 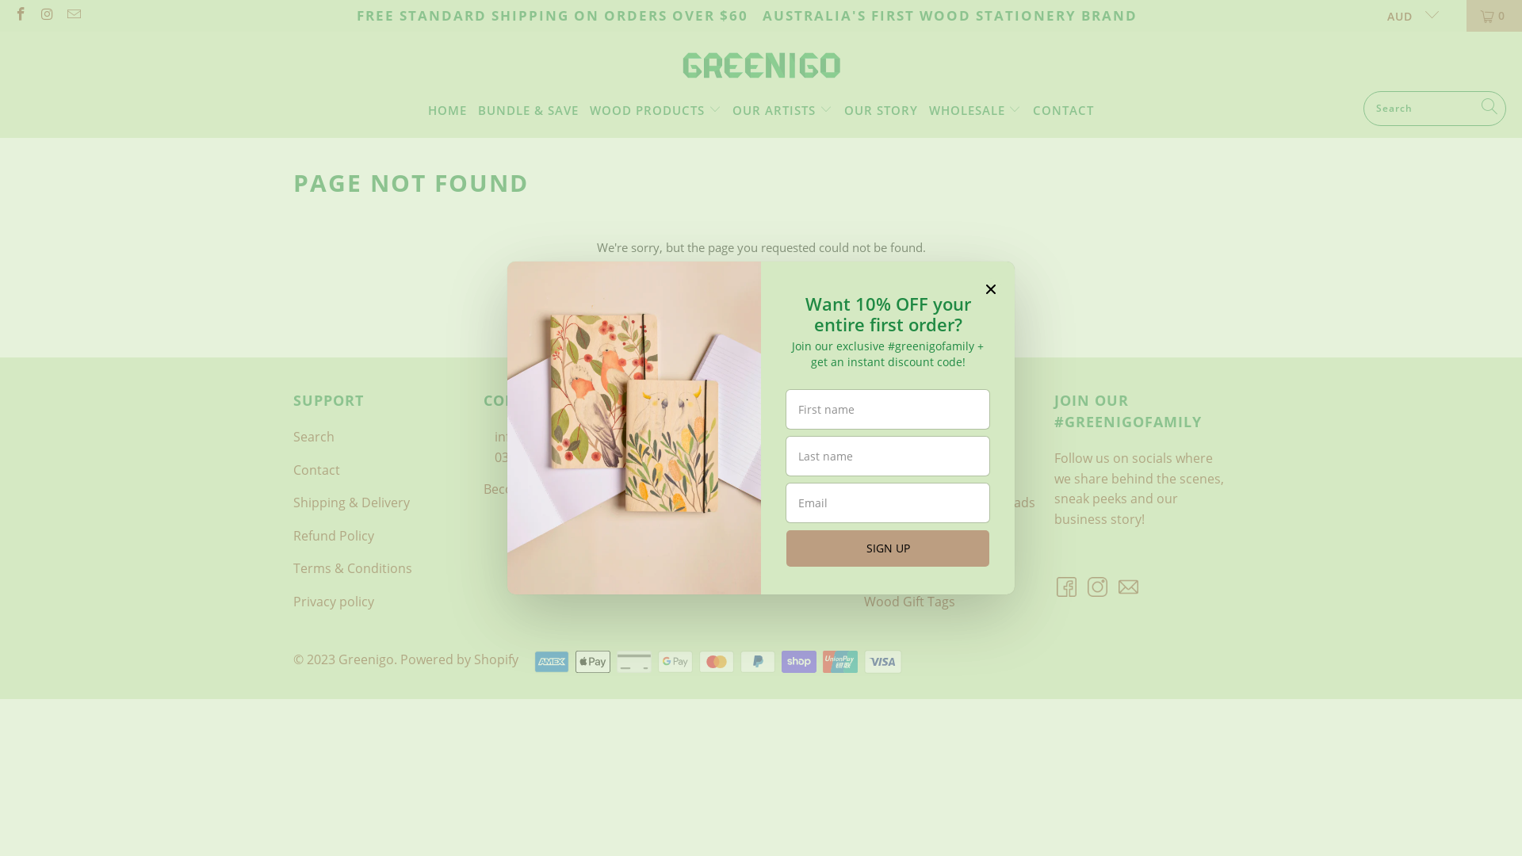 I want to click on 'OUR ARTISTS', so click(x=782, y=109).